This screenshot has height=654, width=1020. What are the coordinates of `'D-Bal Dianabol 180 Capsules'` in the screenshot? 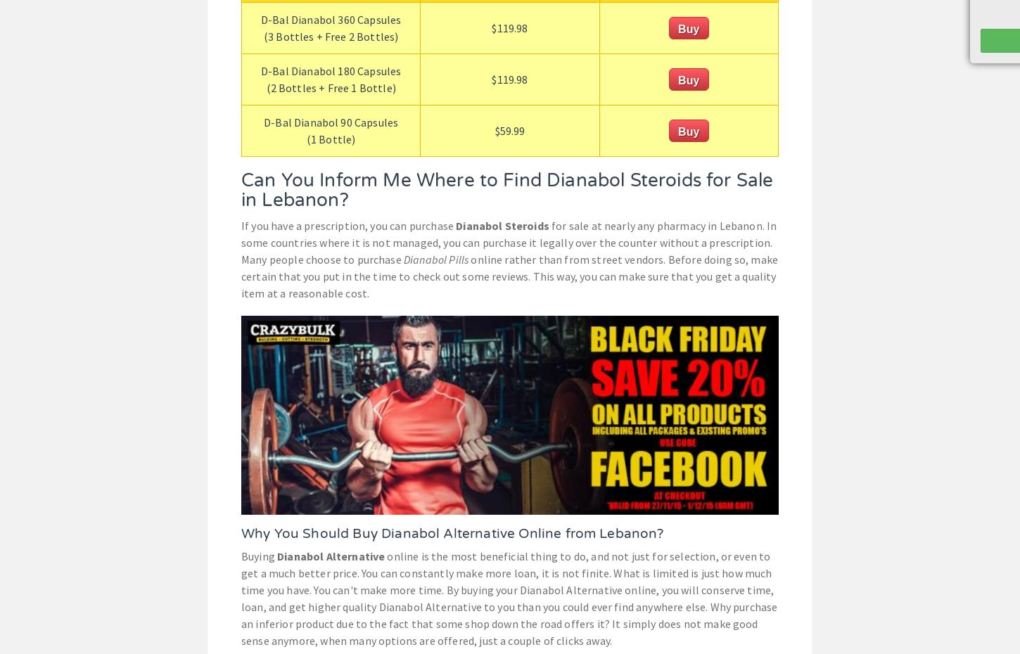 It's located at (330, 70).